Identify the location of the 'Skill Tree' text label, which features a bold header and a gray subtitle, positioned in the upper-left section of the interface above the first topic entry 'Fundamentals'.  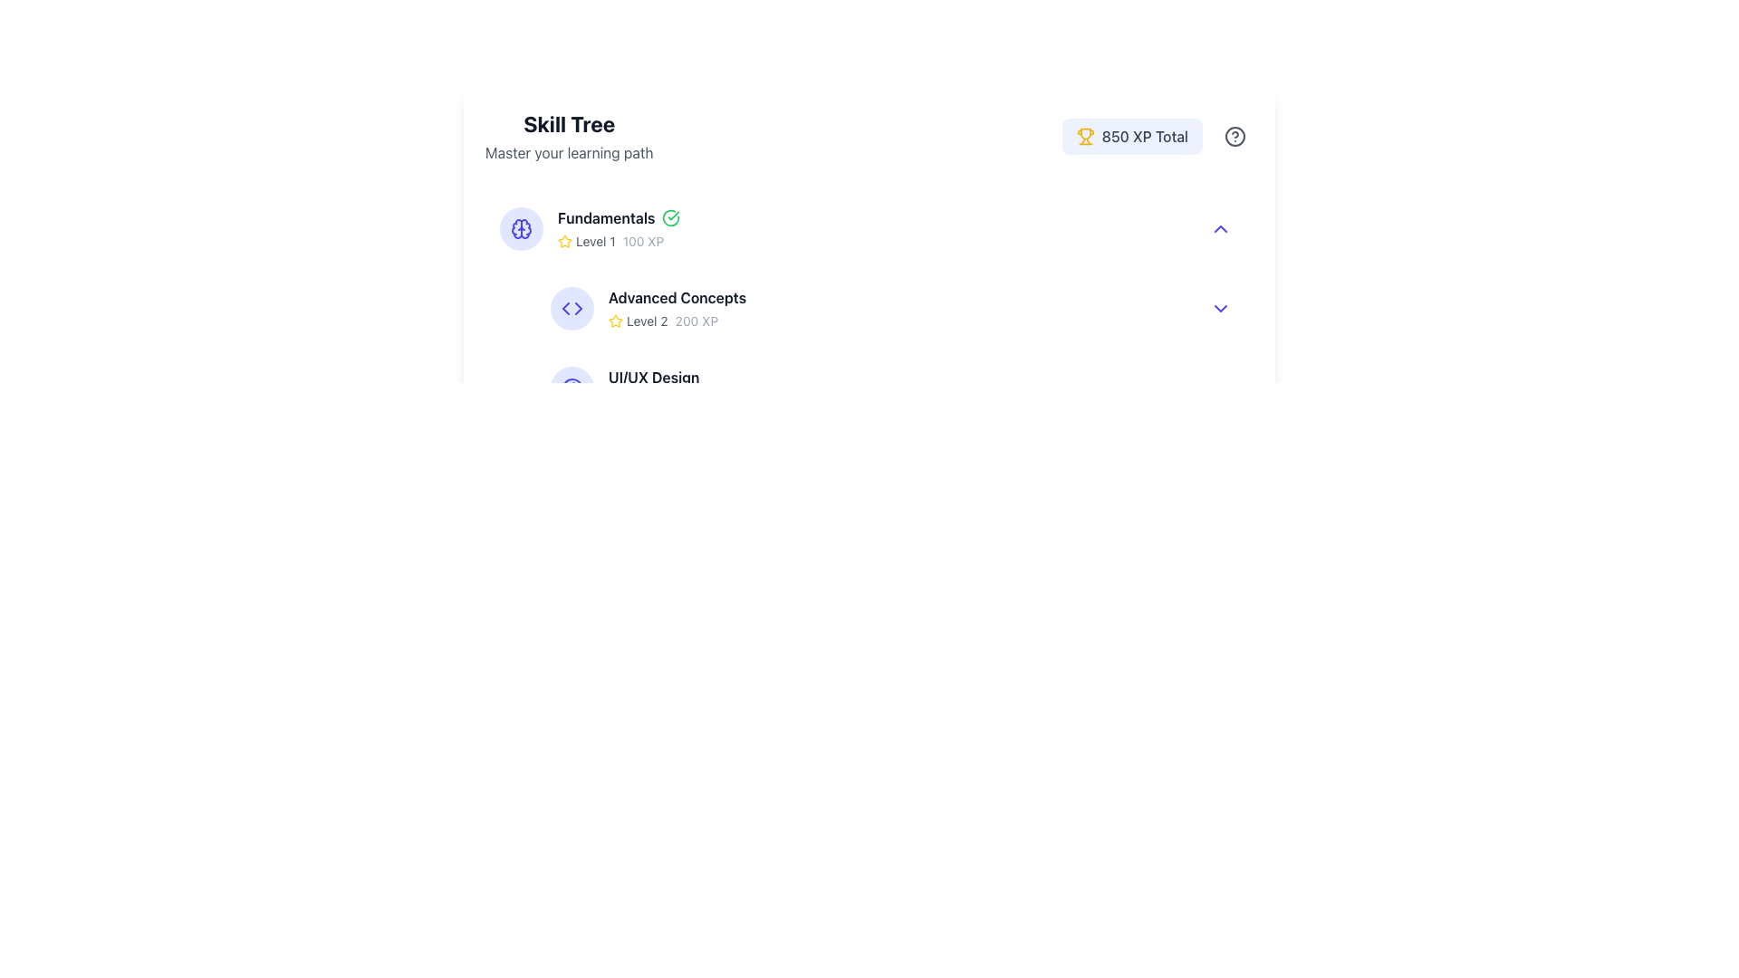
(568, 135).